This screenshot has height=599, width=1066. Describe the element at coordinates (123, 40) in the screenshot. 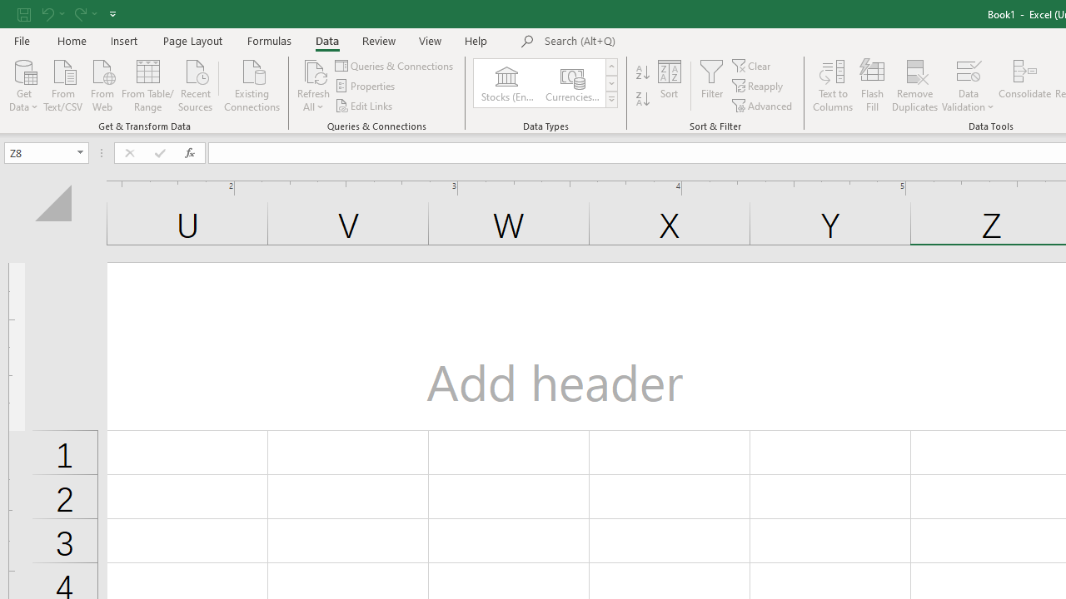

I see `'Insert'` at that location.